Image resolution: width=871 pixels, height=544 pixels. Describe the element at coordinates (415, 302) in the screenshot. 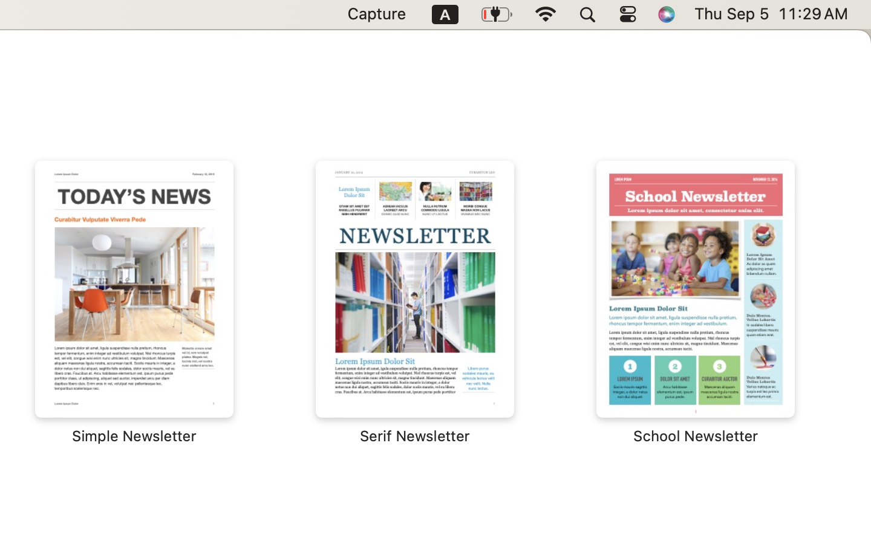

I see `'‎⁨Serif Newsletter⁩'` at that location.